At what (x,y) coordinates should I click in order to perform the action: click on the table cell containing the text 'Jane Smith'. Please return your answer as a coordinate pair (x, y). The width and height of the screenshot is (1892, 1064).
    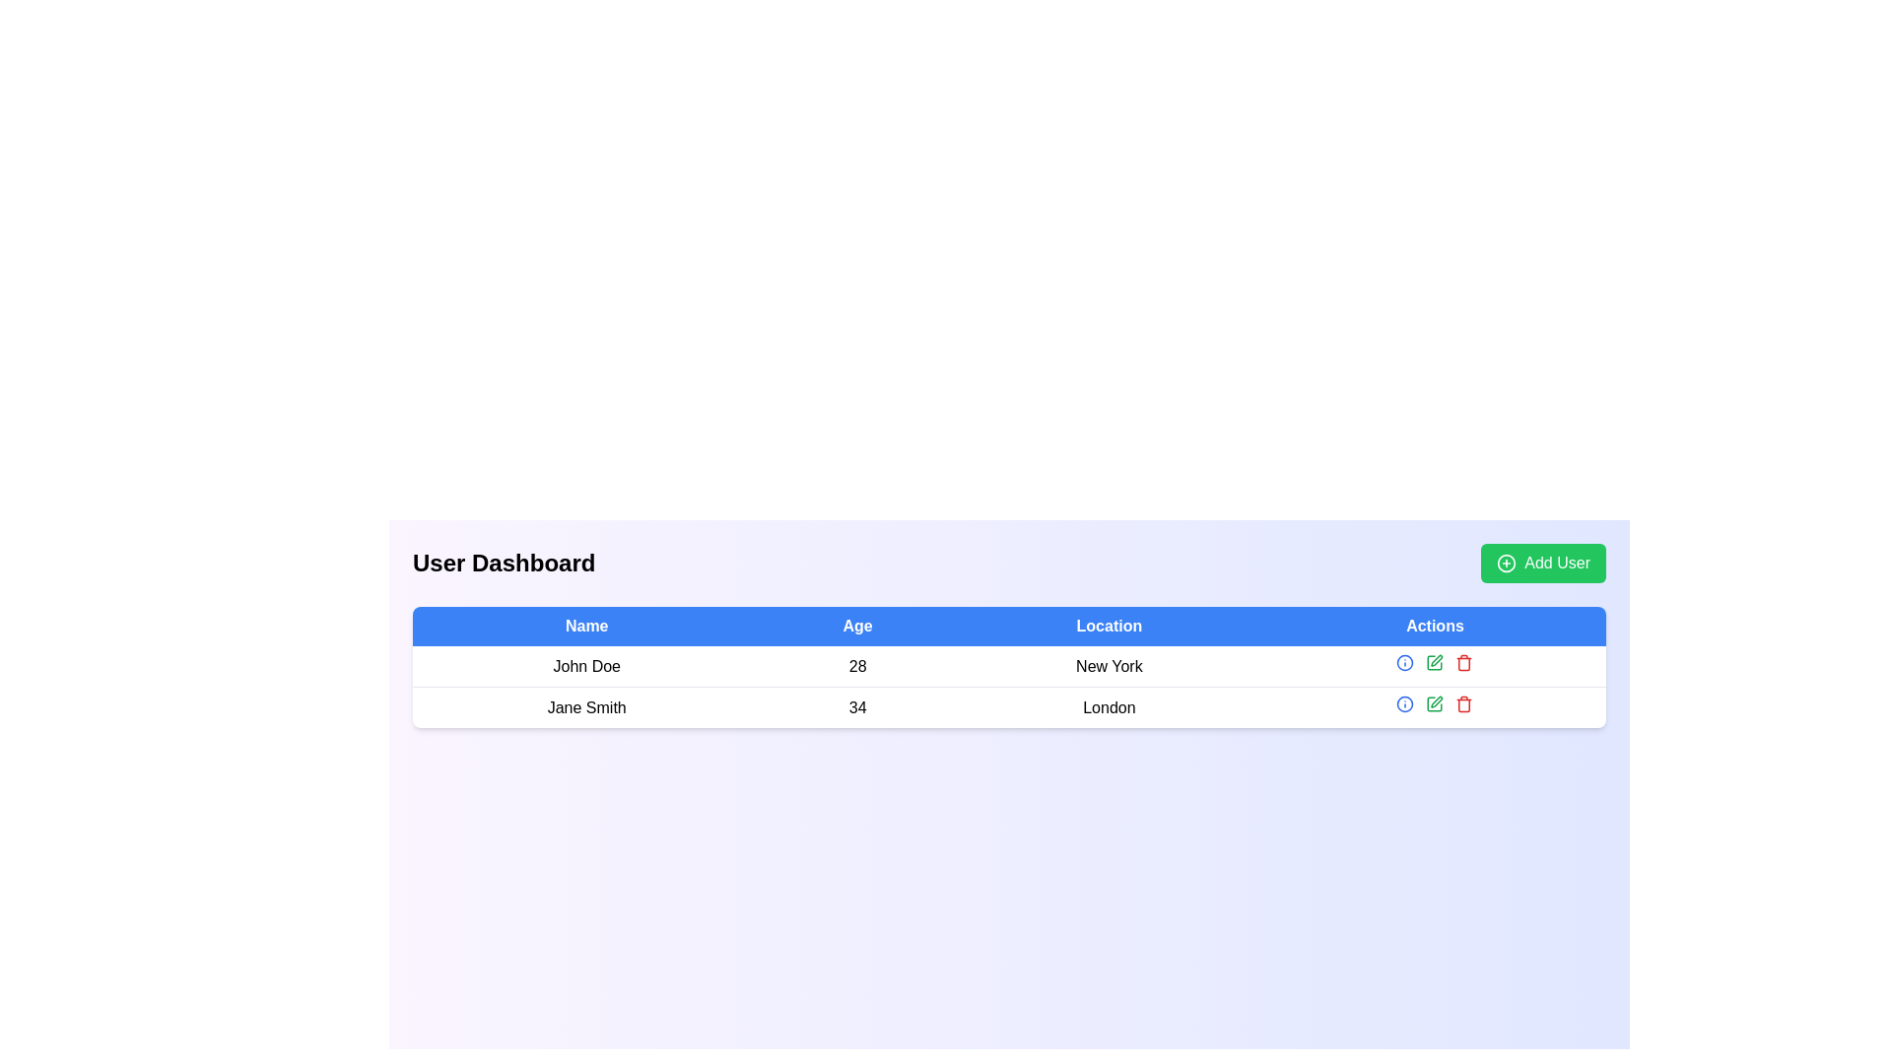
    Looking at the image, I should click on (585, 706).